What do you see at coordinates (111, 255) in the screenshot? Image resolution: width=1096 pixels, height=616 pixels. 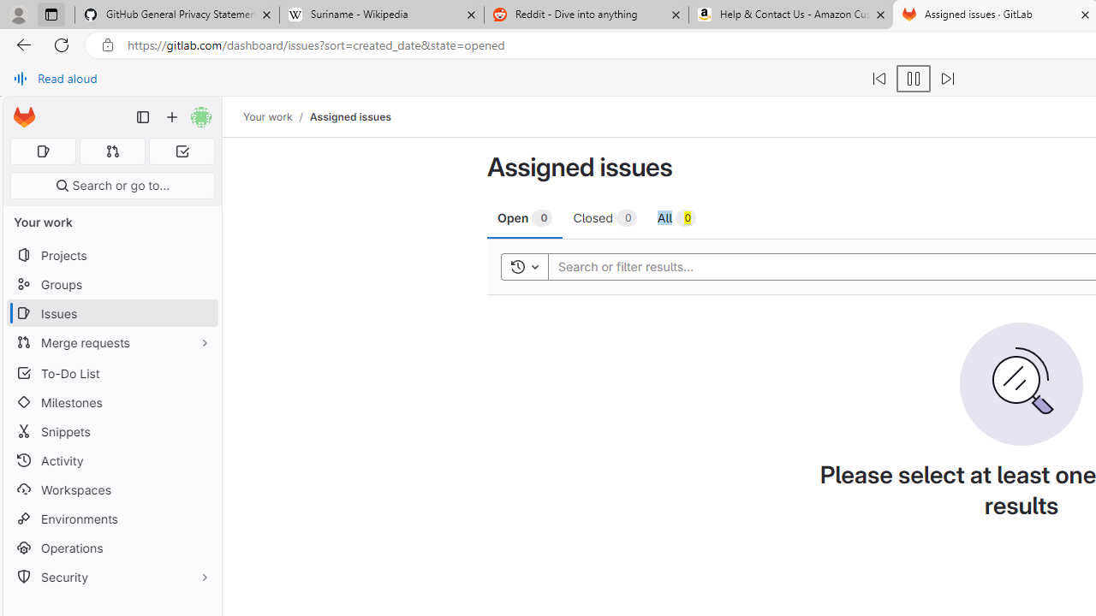 I see `'Projects'` at bounding box center [111, 255].